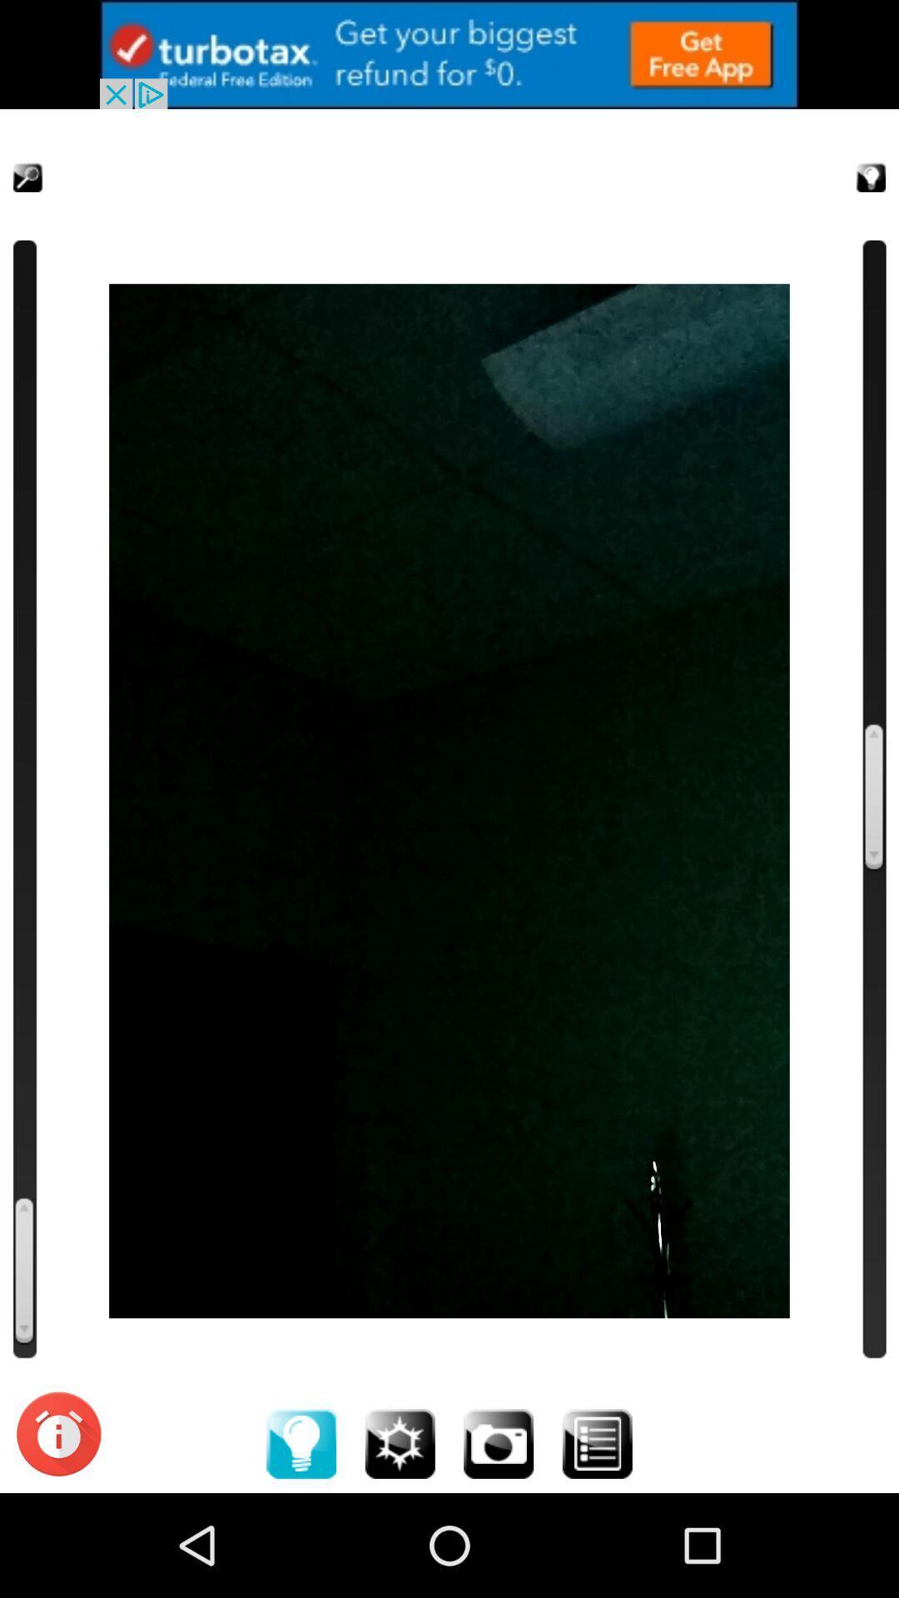 This screenshot has height=1598, width=899. I want to click on increase the light, so click(301, 1442).